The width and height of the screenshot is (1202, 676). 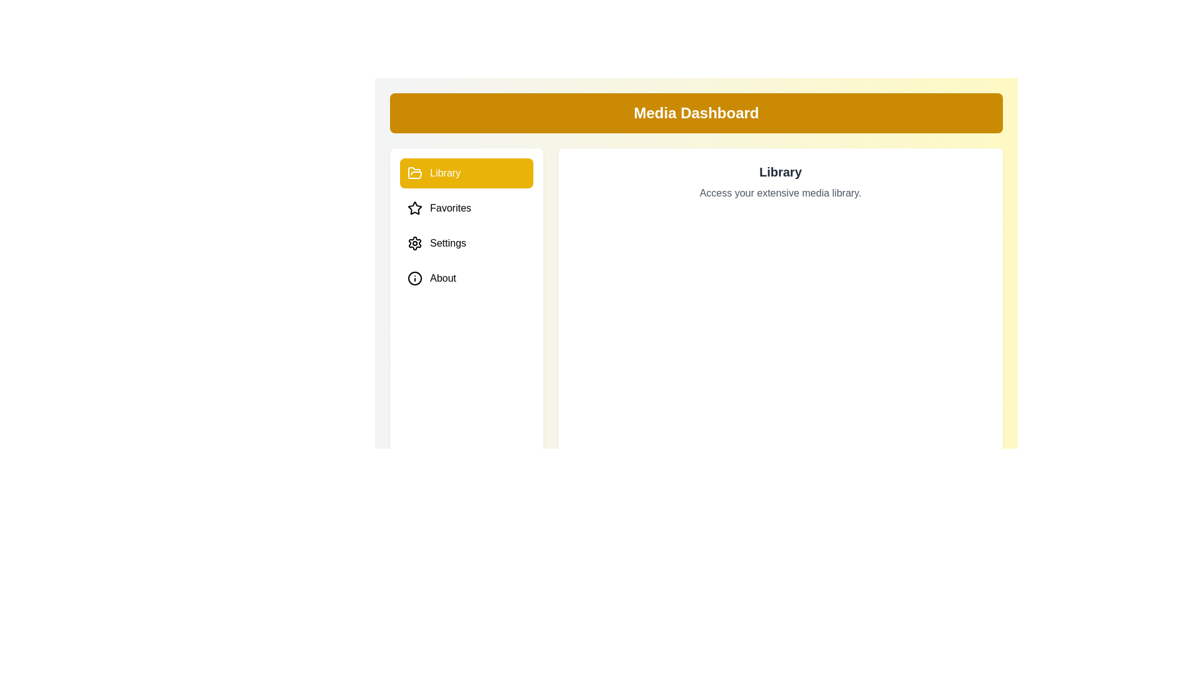 I want to click on the Library tab to preview its hover effect, so click(x=466, y=173).